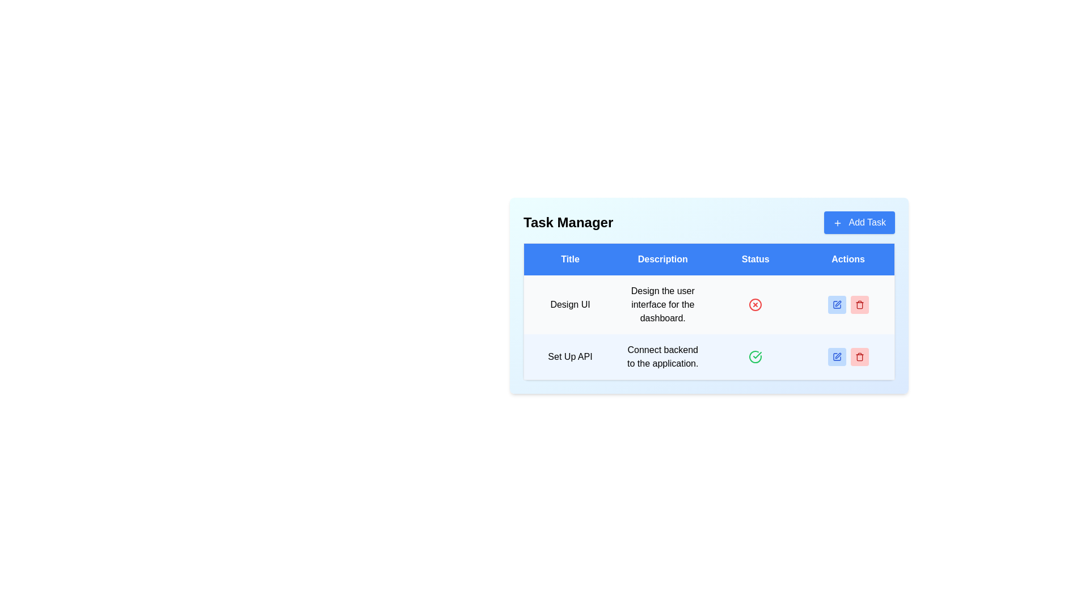 This screenshot has width=1089, height=612. I want to click on the green circular icon with a checkmark that signifies the completion status of the task 'Set Up API' in the second row of the task management table, so click(708, 357).